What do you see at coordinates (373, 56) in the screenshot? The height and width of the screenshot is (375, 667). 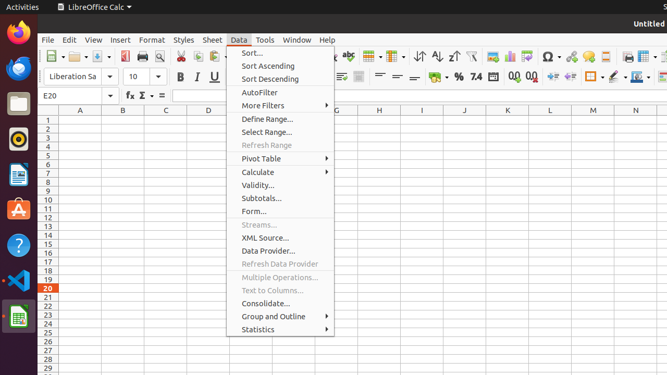 I see `'Row'` at bounding box center [373, 56].